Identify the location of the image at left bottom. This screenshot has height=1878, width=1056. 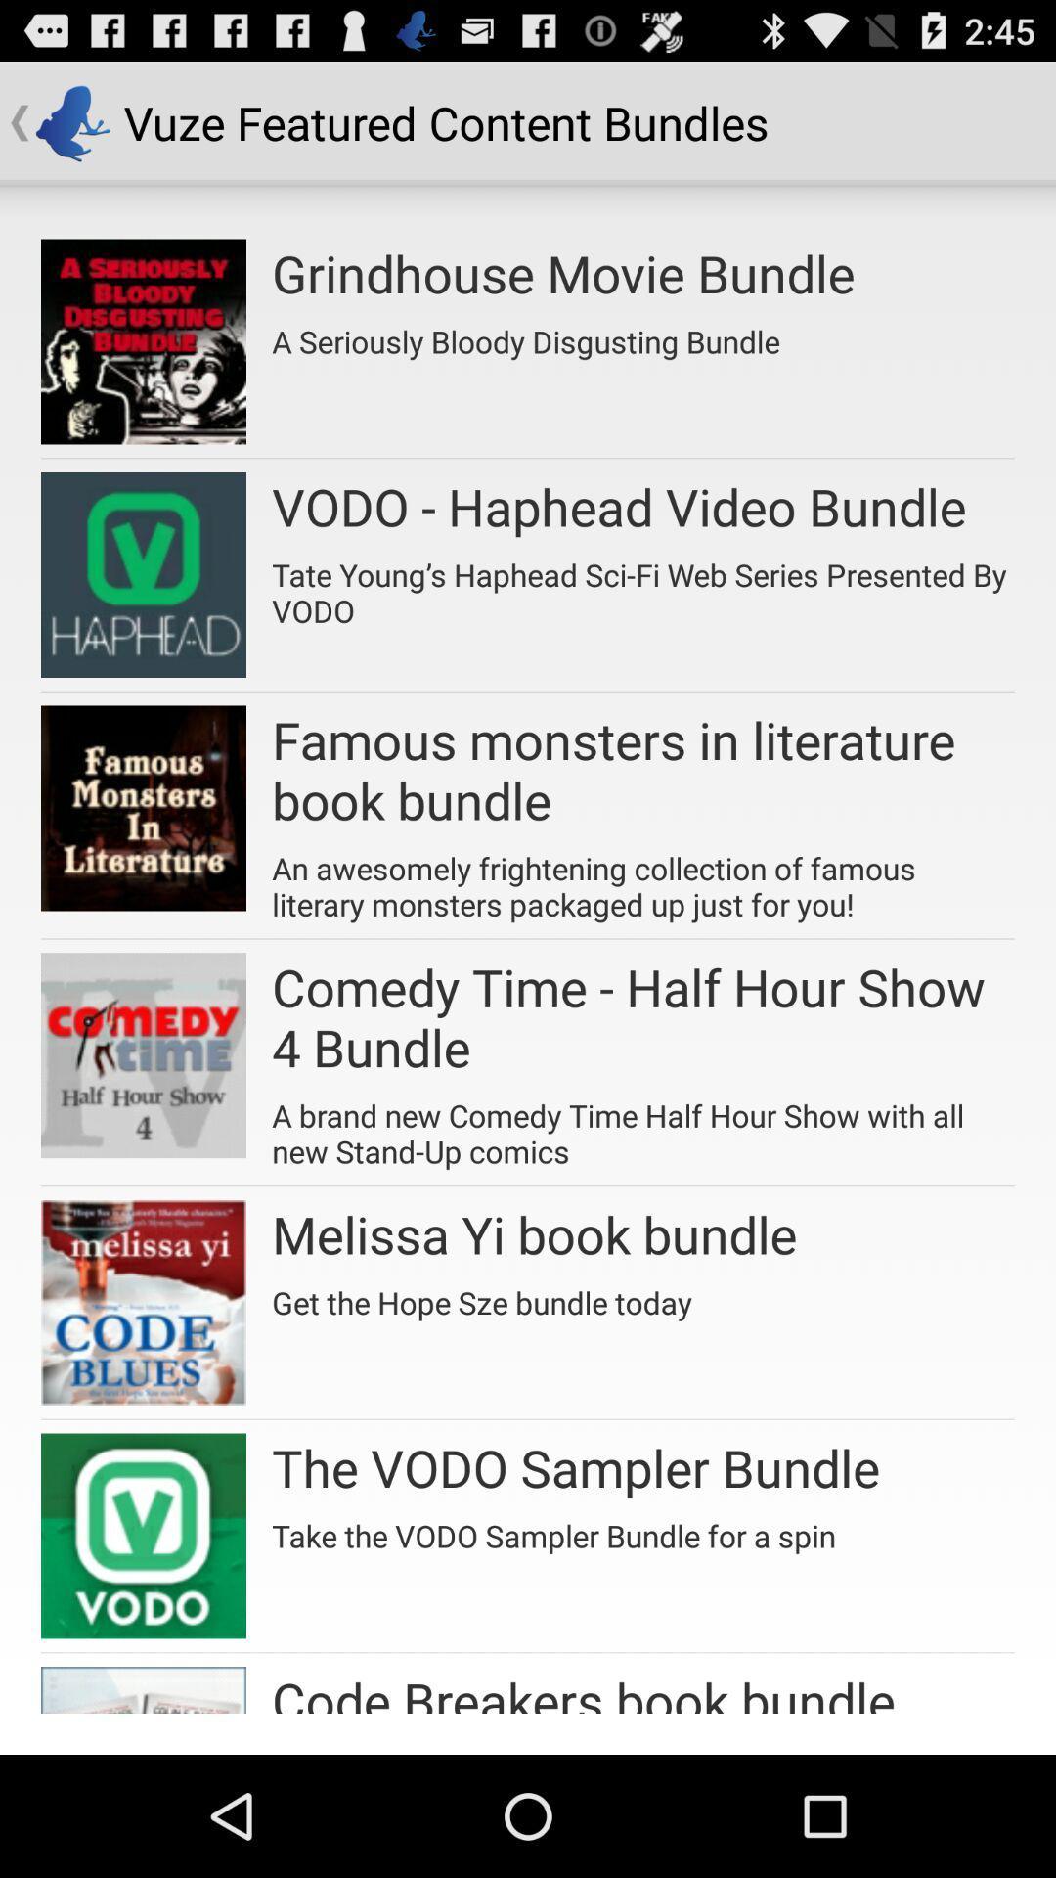
(142, 1689).